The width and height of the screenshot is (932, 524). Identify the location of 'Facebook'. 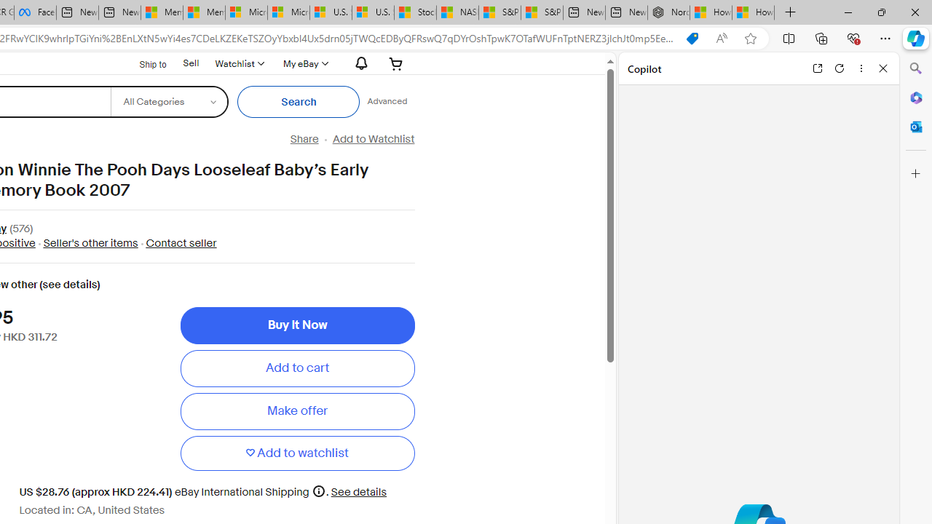
(35, 12).